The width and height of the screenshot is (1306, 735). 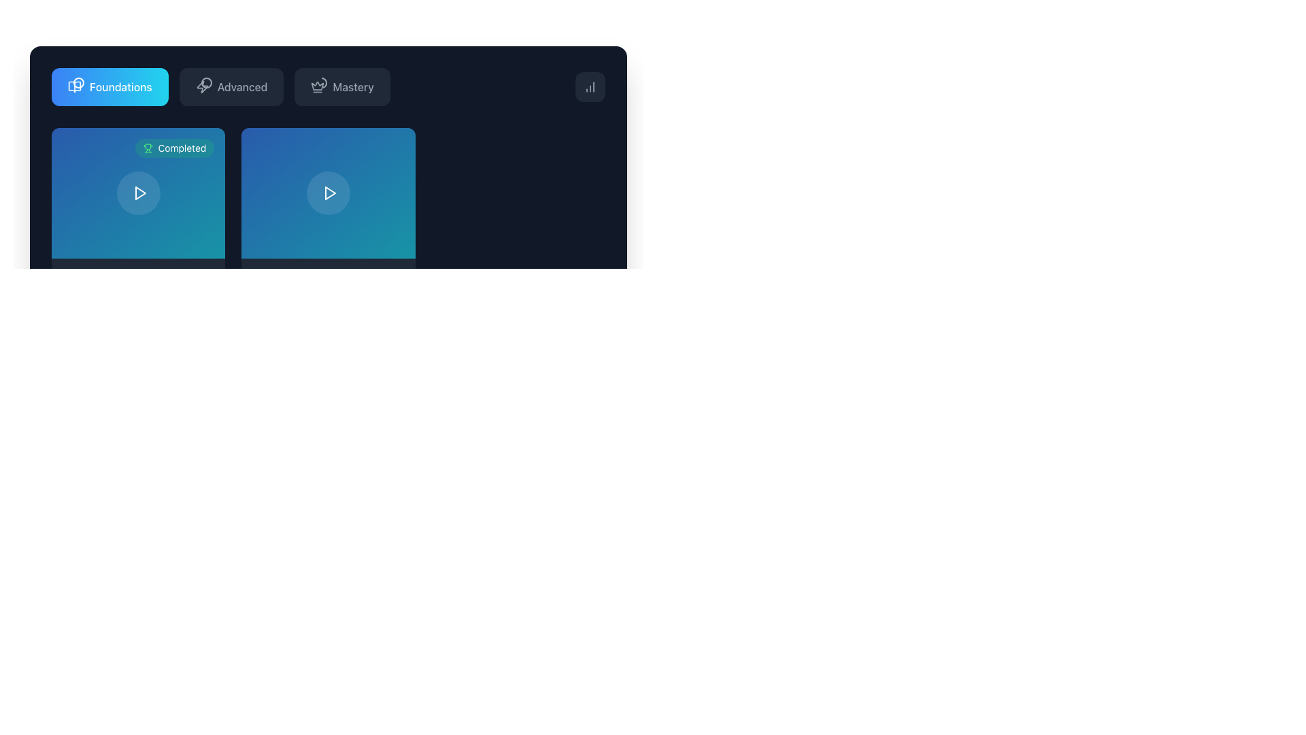 I want to click on the triangular play icon with a white stroke and transparent fill, located within the circular area of the button on the second card below the tabs labeled 'Foundations', 'Advanced', and 'Mastery', so click(x=329, y=193).